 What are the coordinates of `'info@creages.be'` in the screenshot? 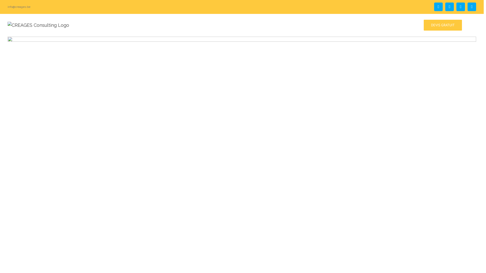 It's located at (19, 7).